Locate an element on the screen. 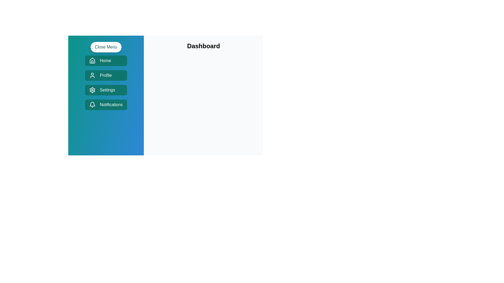  the 'Home' icon in the left sidebar is located at coordinates (92, 60).